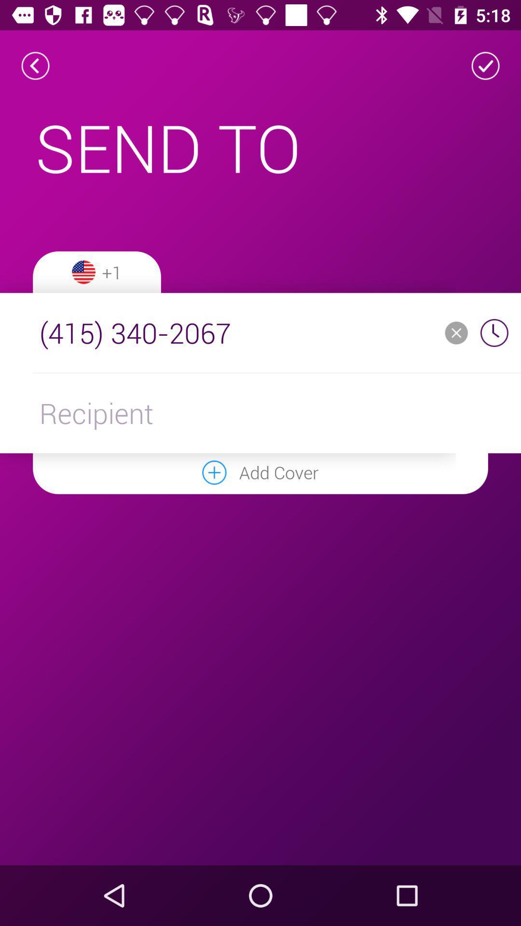 The image size is (521, 926). Describe the element at coordinates (494, 333) in the screenshot. I see `the time icon` at that location.